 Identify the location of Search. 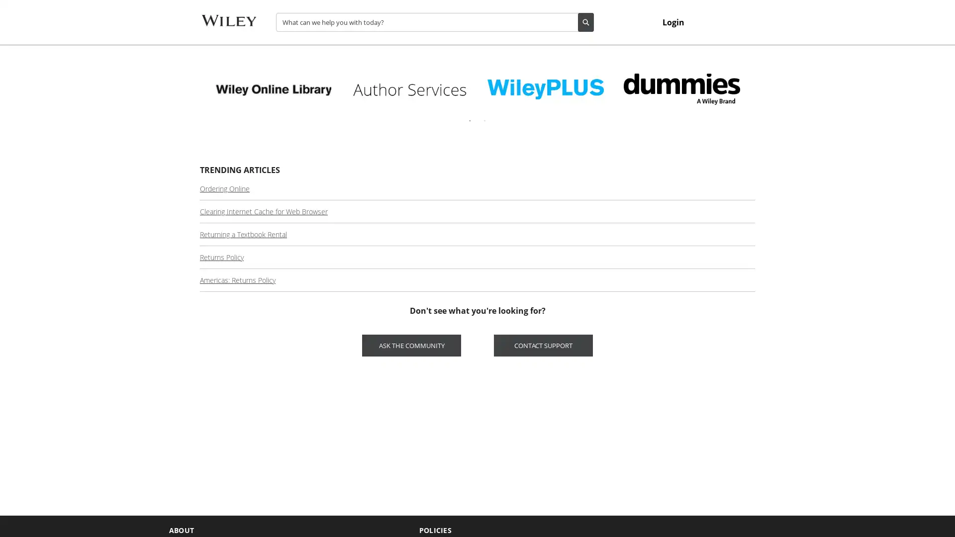
(585, 21).